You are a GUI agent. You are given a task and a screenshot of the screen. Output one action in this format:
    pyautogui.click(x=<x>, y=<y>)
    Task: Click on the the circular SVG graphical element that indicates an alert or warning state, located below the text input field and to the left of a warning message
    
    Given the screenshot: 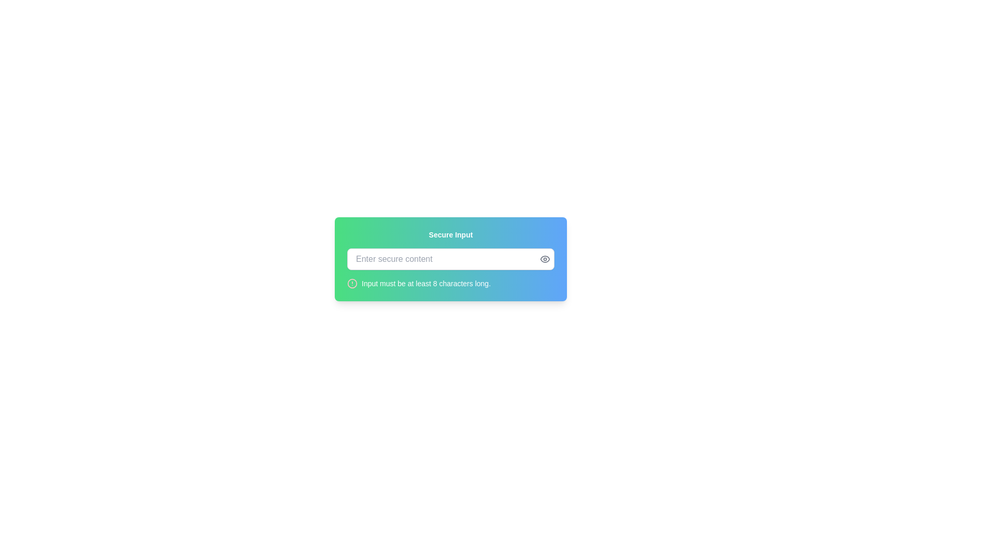 What is the action you would take?
    pyautogui.click(x=352, y=284)
    